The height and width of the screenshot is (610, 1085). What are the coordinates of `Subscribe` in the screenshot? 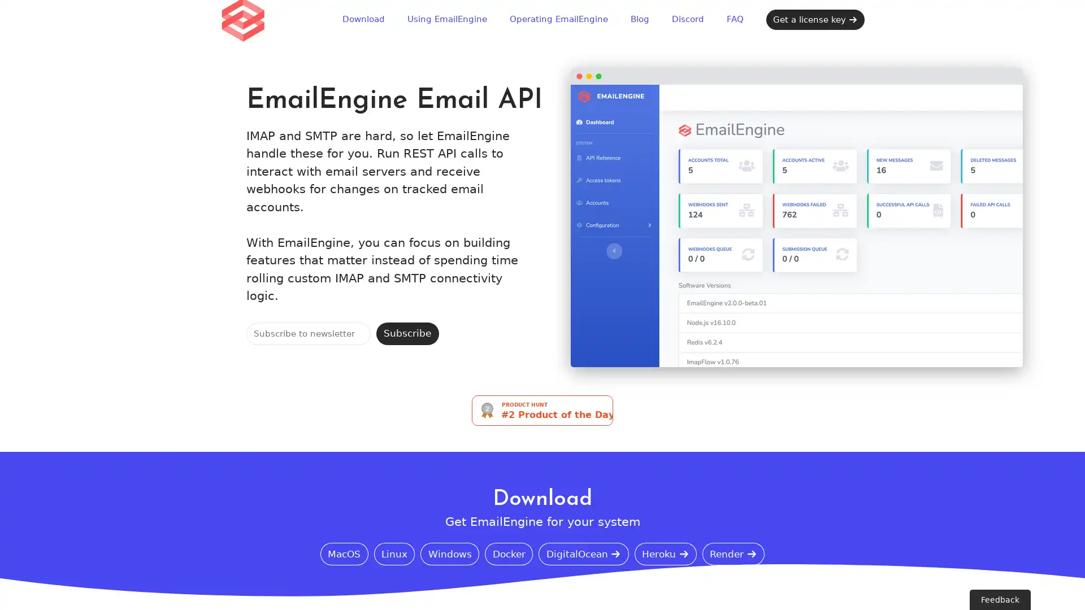 It's located at (407, 333).